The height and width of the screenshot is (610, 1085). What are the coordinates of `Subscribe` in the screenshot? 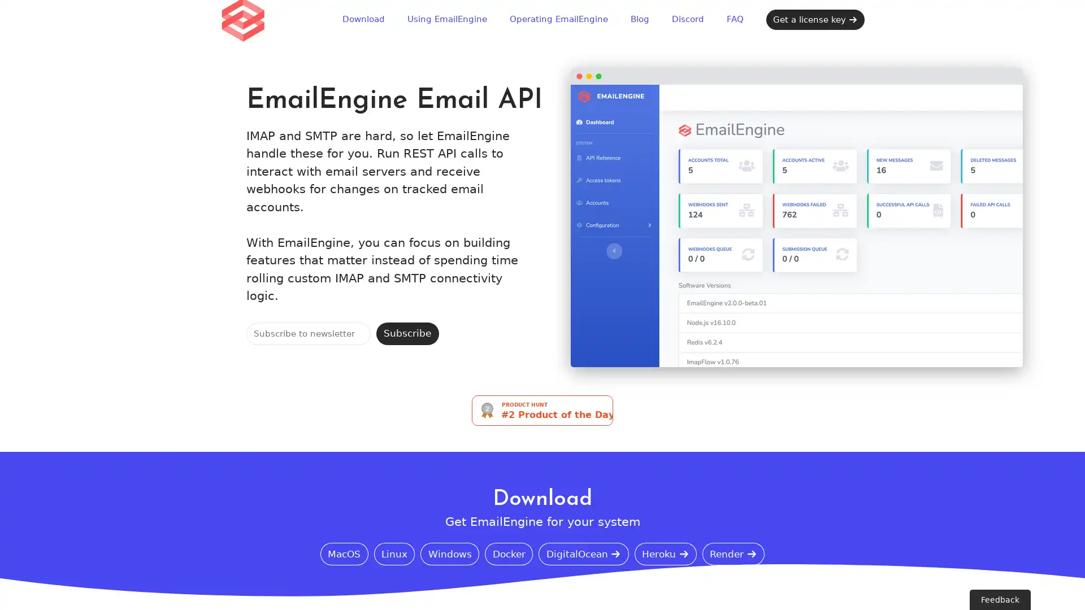 It's located at (407, 333).